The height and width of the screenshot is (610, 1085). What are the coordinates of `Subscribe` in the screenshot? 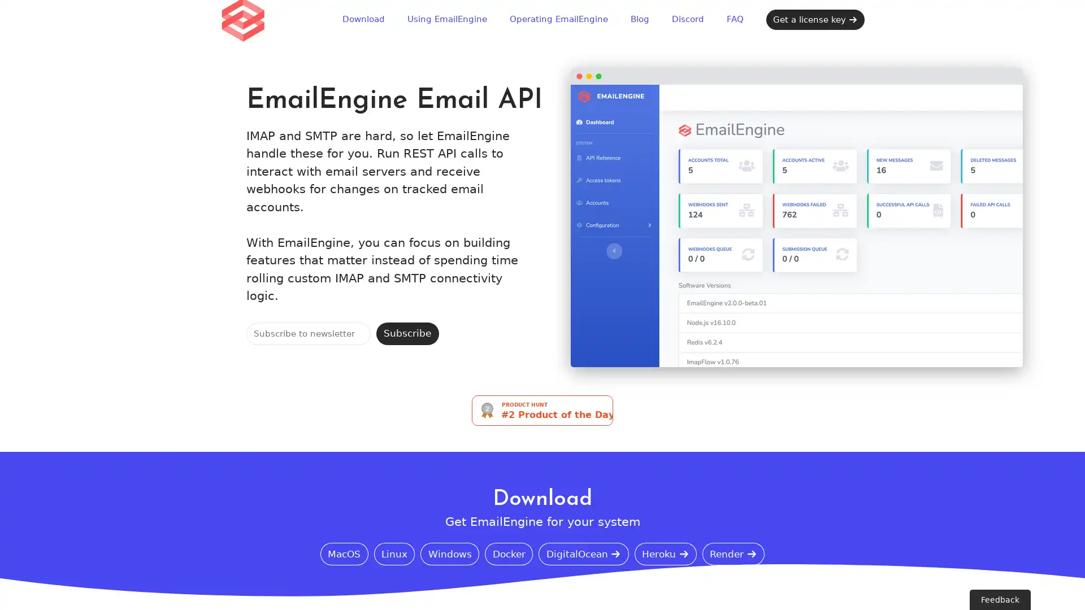 It's located at (407, 333).